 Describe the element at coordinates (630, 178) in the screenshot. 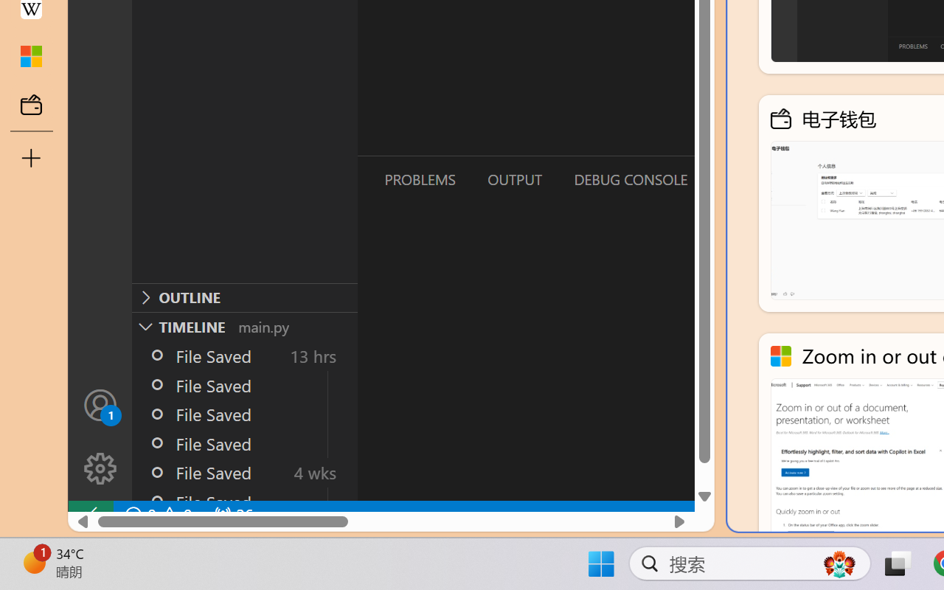

I see `'Debug Console (Ctrl+Shift+Y)'` at that location.